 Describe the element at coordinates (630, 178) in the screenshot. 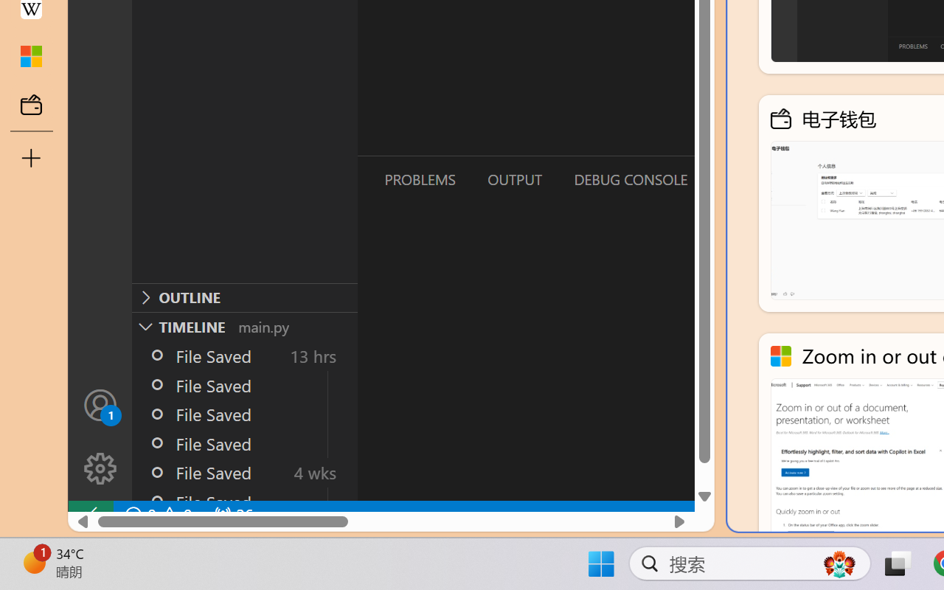

I see `'Debug Console (Ctrl+Shift+Y)'` at that location.